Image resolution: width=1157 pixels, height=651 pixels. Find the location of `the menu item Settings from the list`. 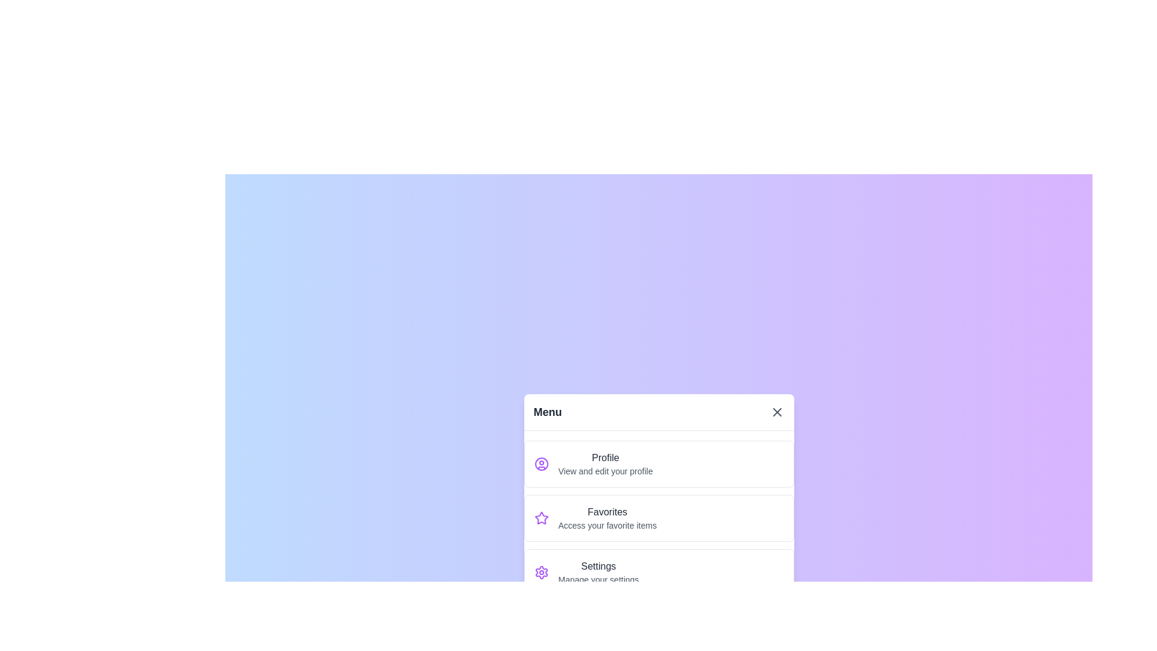

the menu item Settings from the list is located at coordinates (658, 571).